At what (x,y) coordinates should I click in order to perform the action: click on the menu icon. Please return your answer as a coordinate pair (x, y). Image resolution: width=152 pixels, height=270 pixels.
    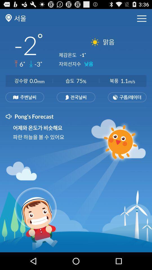
    Looking at the image, I should click on (141, 20).